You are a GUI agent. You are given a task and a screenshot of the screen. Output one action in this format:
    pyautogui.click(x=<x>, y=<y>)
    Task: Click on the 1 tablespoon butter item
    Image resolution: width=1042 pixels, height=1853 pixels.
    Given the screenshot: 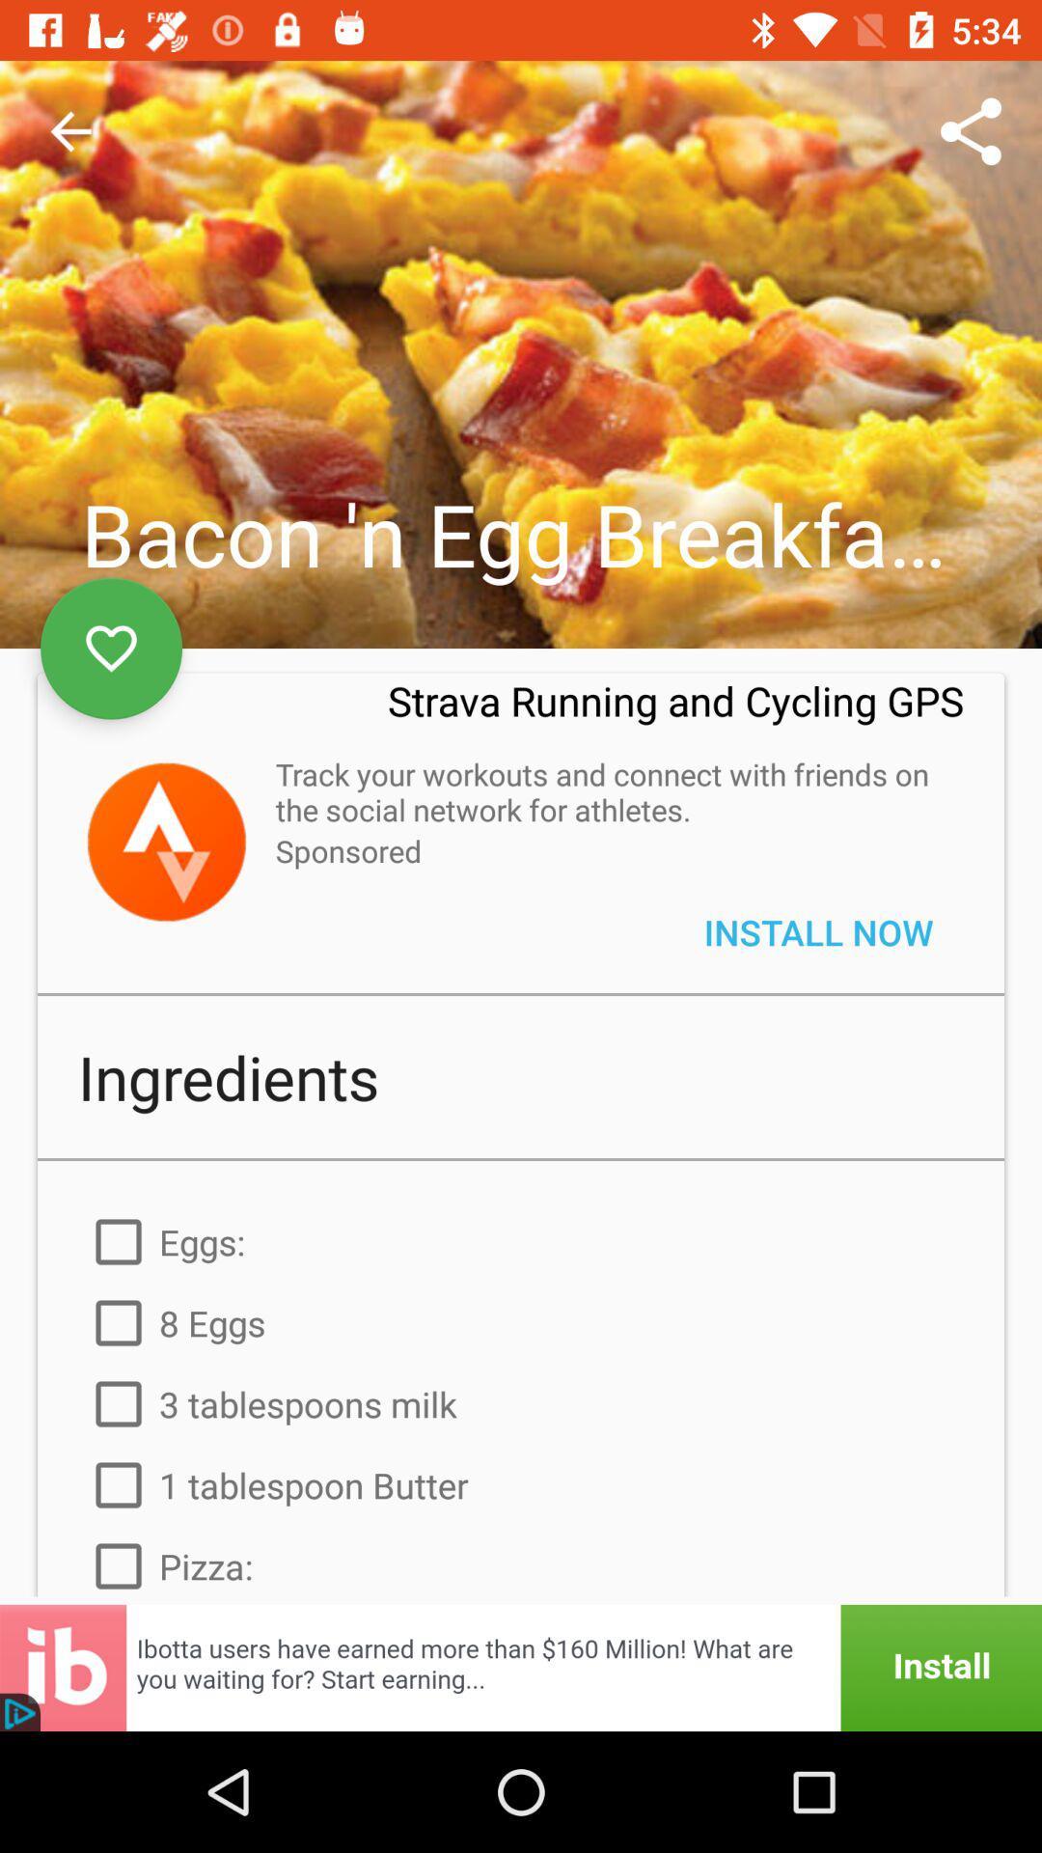 What is the action you would take?
    pyautogui.click(x=521, y=1484)
    